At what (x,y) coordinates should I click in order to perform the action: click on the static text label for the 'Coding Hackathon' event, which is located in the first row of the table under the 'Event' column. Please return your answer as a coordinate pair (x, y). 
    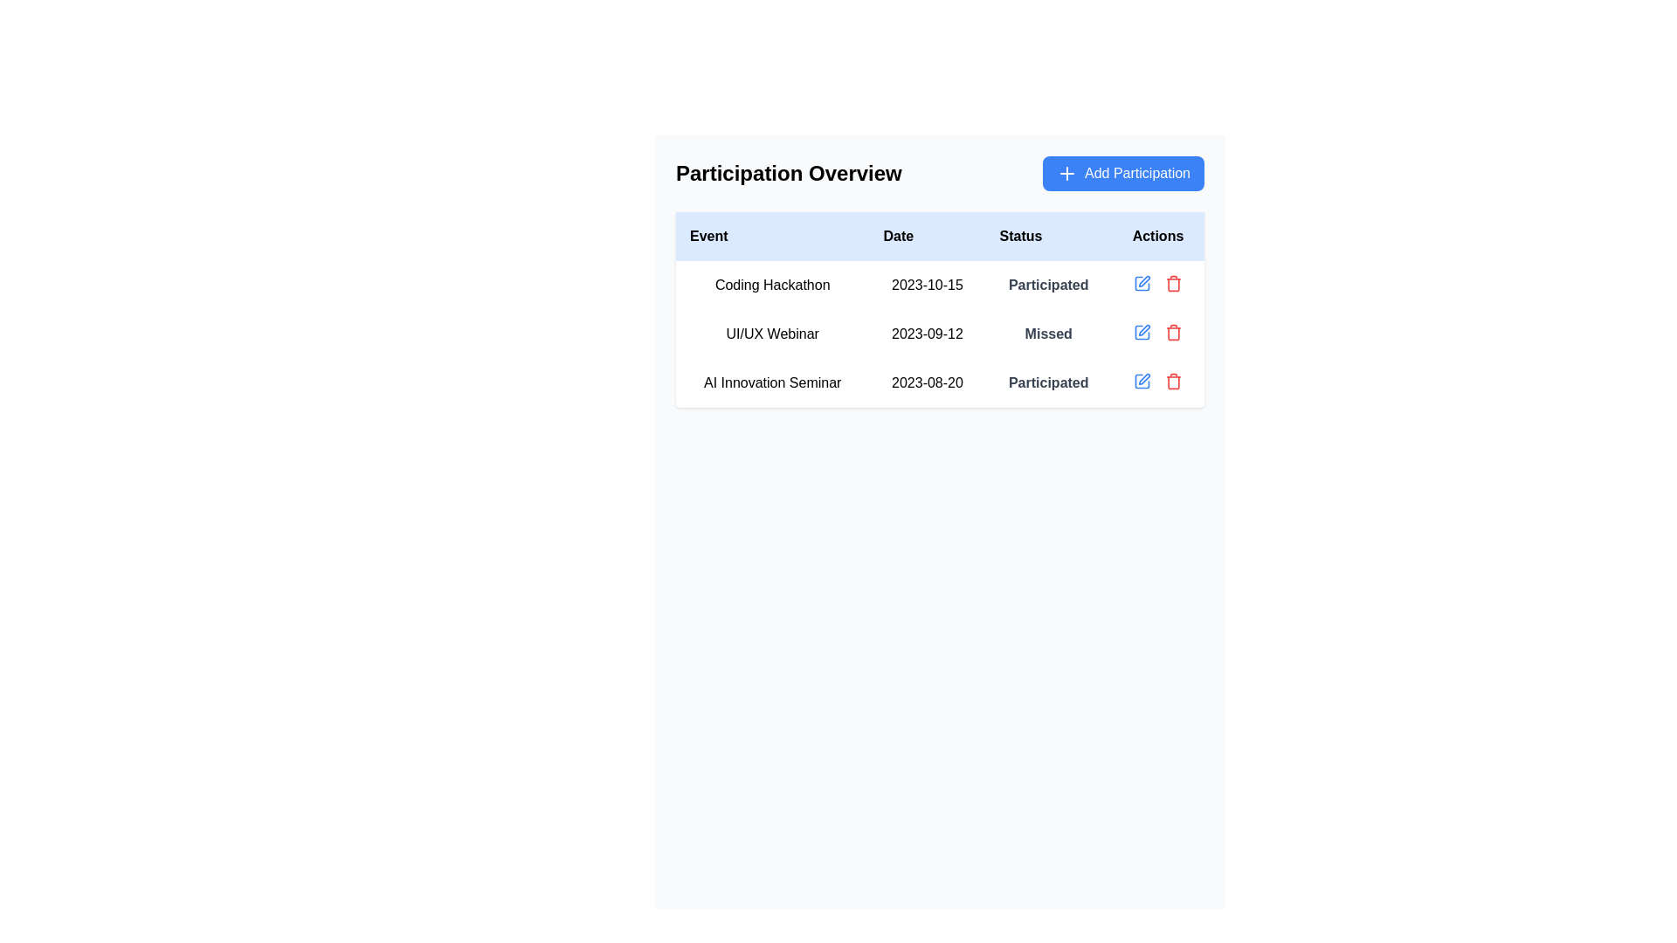
    Looking at the image, I should click on (771, 285).